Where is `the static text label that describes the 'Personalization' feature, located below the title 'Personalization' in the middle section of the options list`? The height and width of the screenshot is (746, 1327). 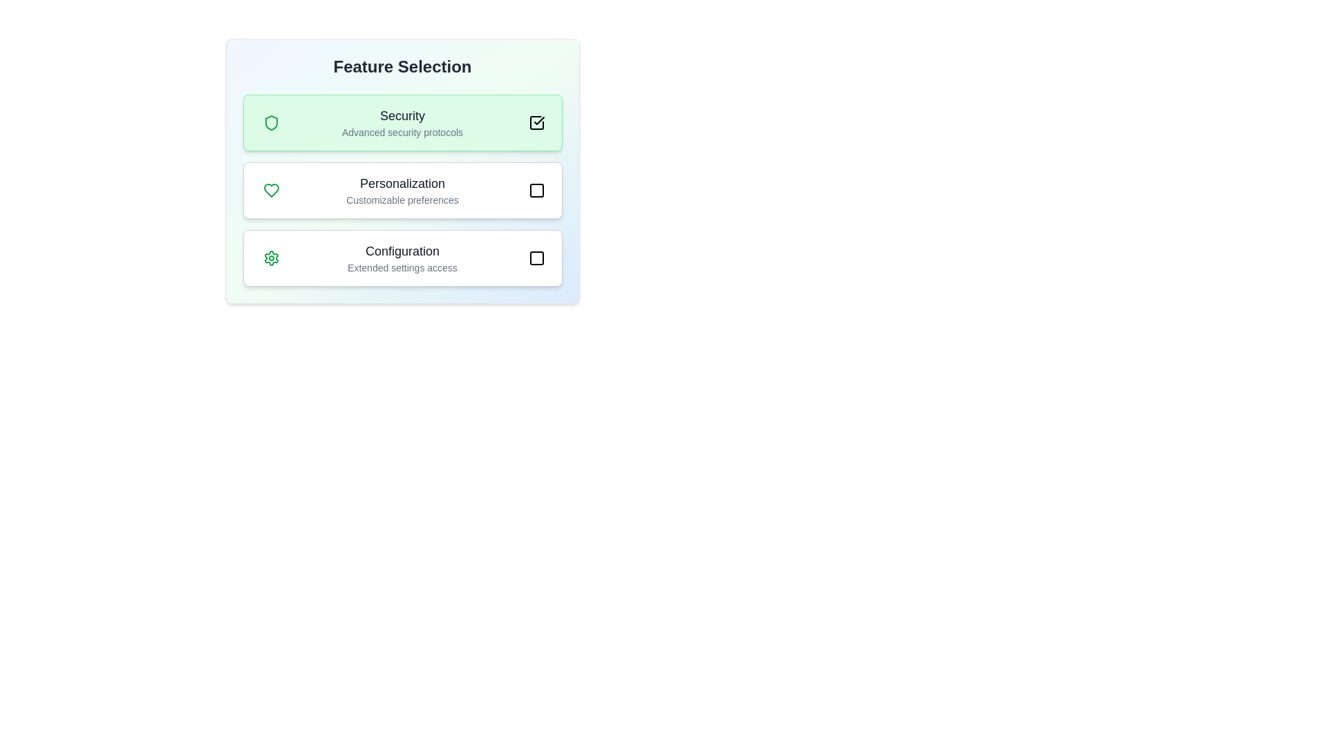 the static text label that describes the 'Personalization' feature, located below the title 'Personalization' in the middle section of the options list is located at coordinates (402, 200).